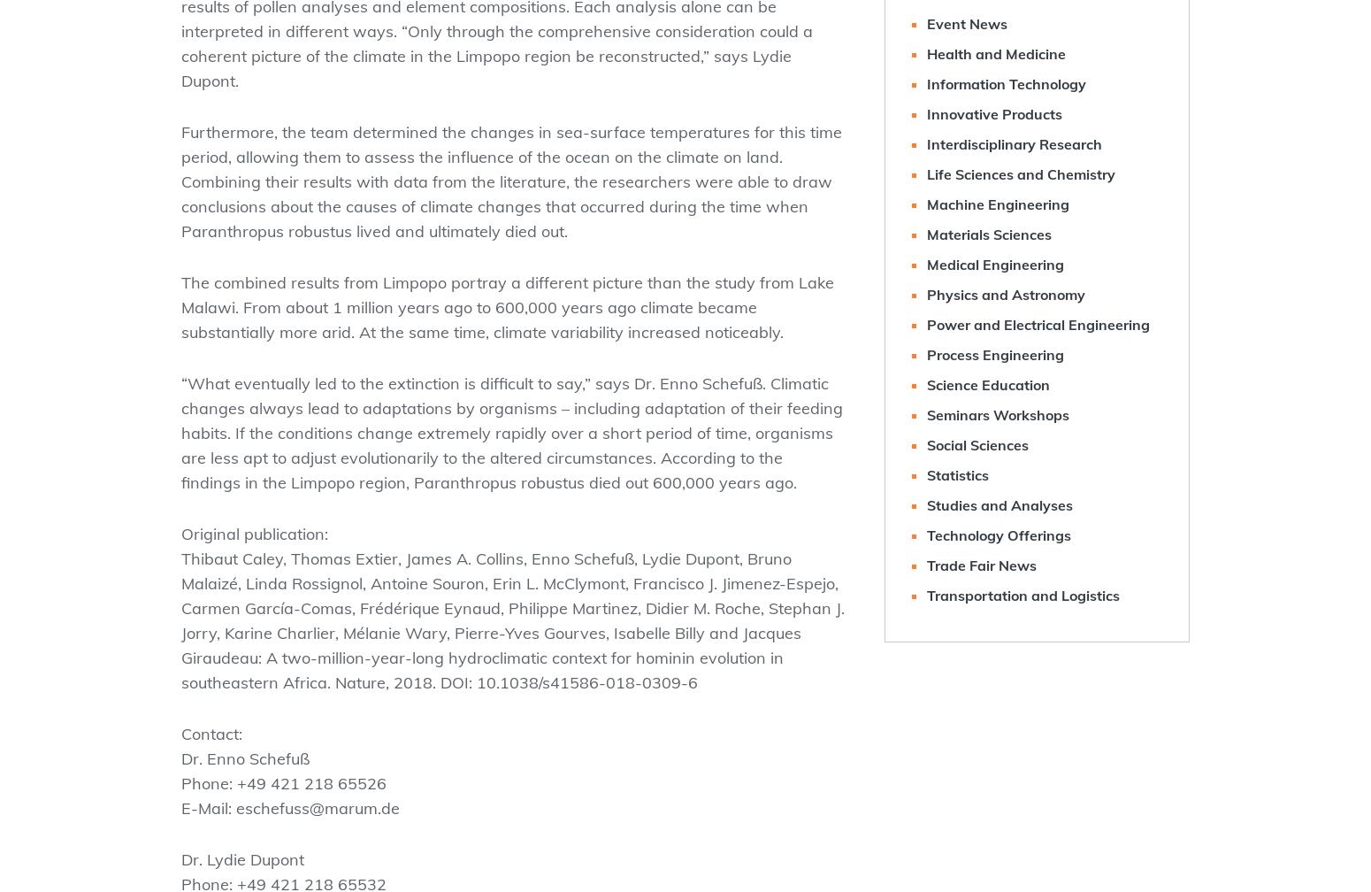  I want to click on 'Interdisciplinary Research', so click(1014, 143).